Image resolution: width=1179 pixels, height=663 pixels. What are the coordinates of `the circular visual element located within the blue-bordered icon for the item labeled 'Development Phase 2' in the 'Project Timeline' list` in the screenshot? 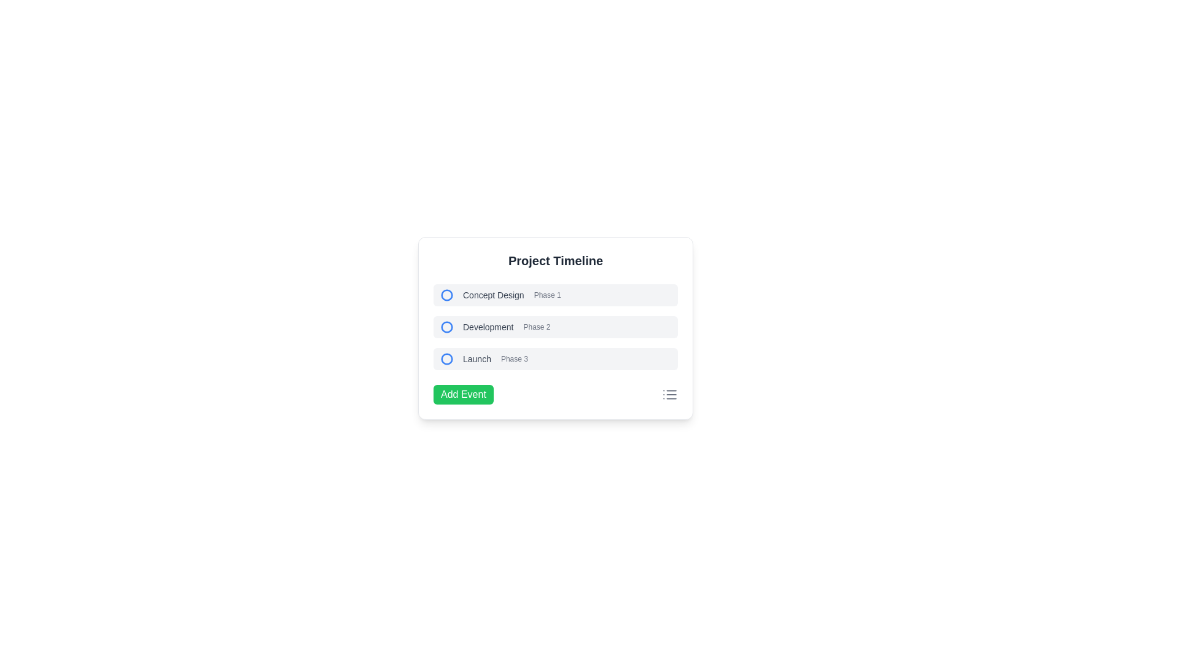 It's located at (446, 326).